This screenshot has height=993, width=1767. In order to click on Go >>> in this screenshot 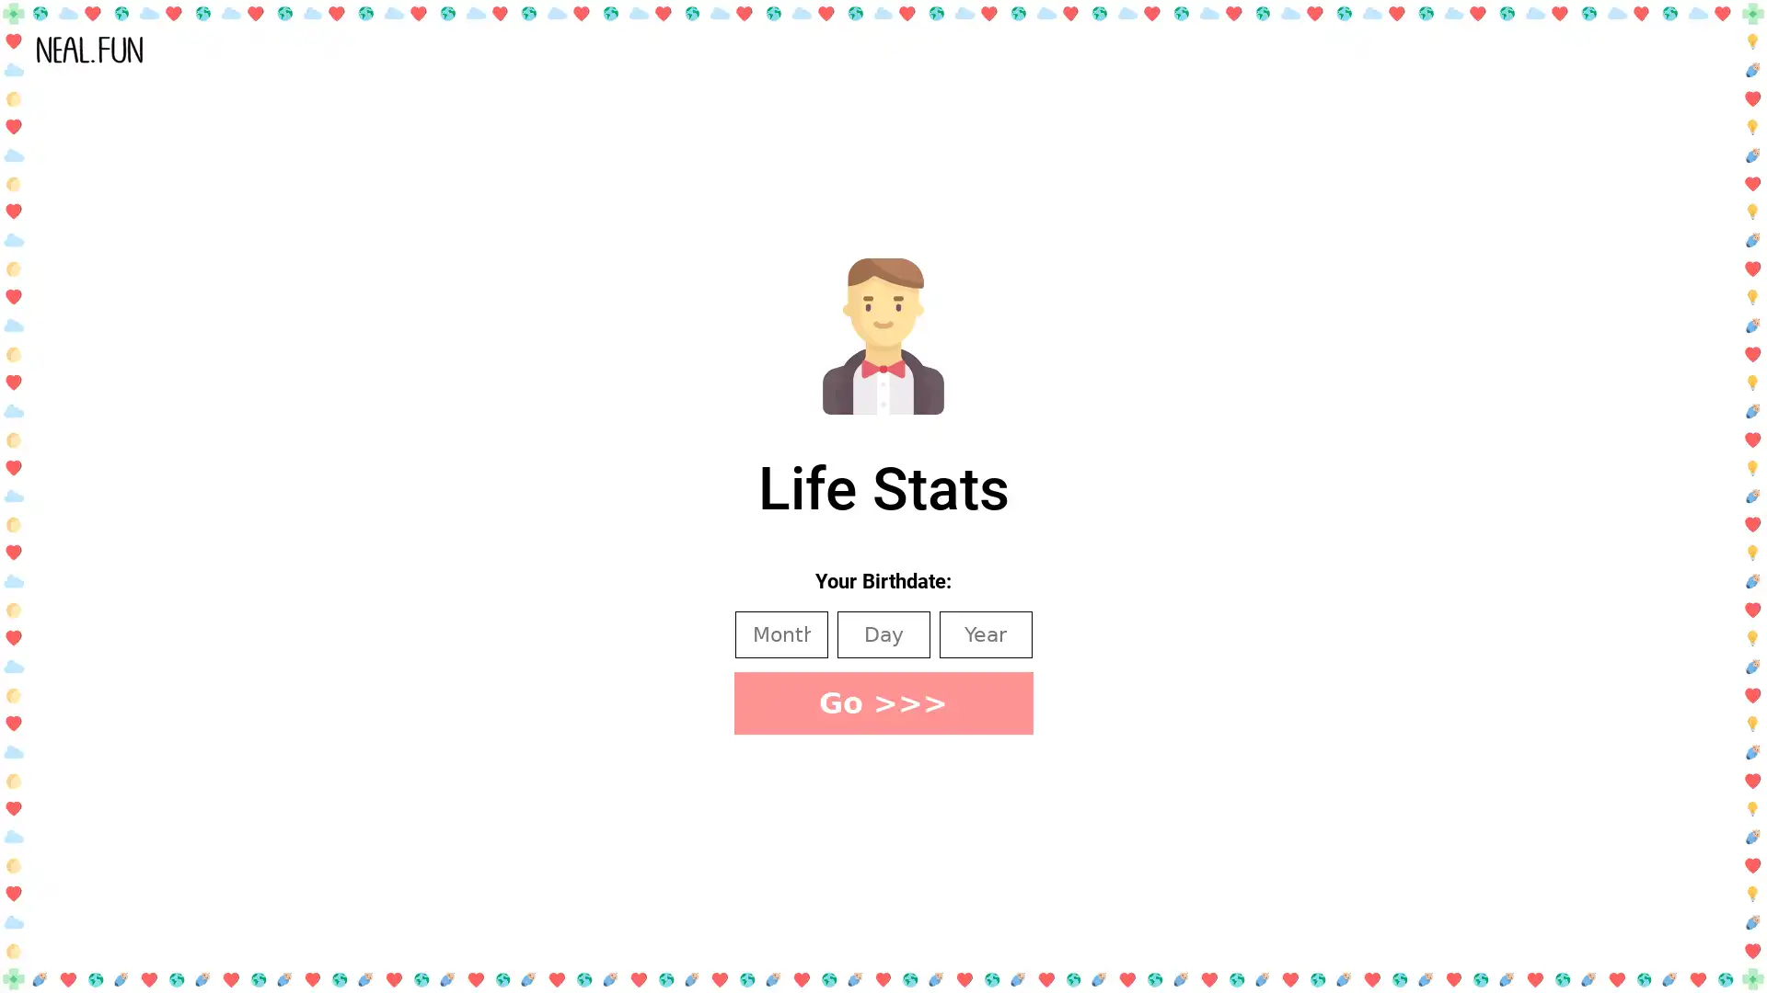, I will do `click(882, 702)`.